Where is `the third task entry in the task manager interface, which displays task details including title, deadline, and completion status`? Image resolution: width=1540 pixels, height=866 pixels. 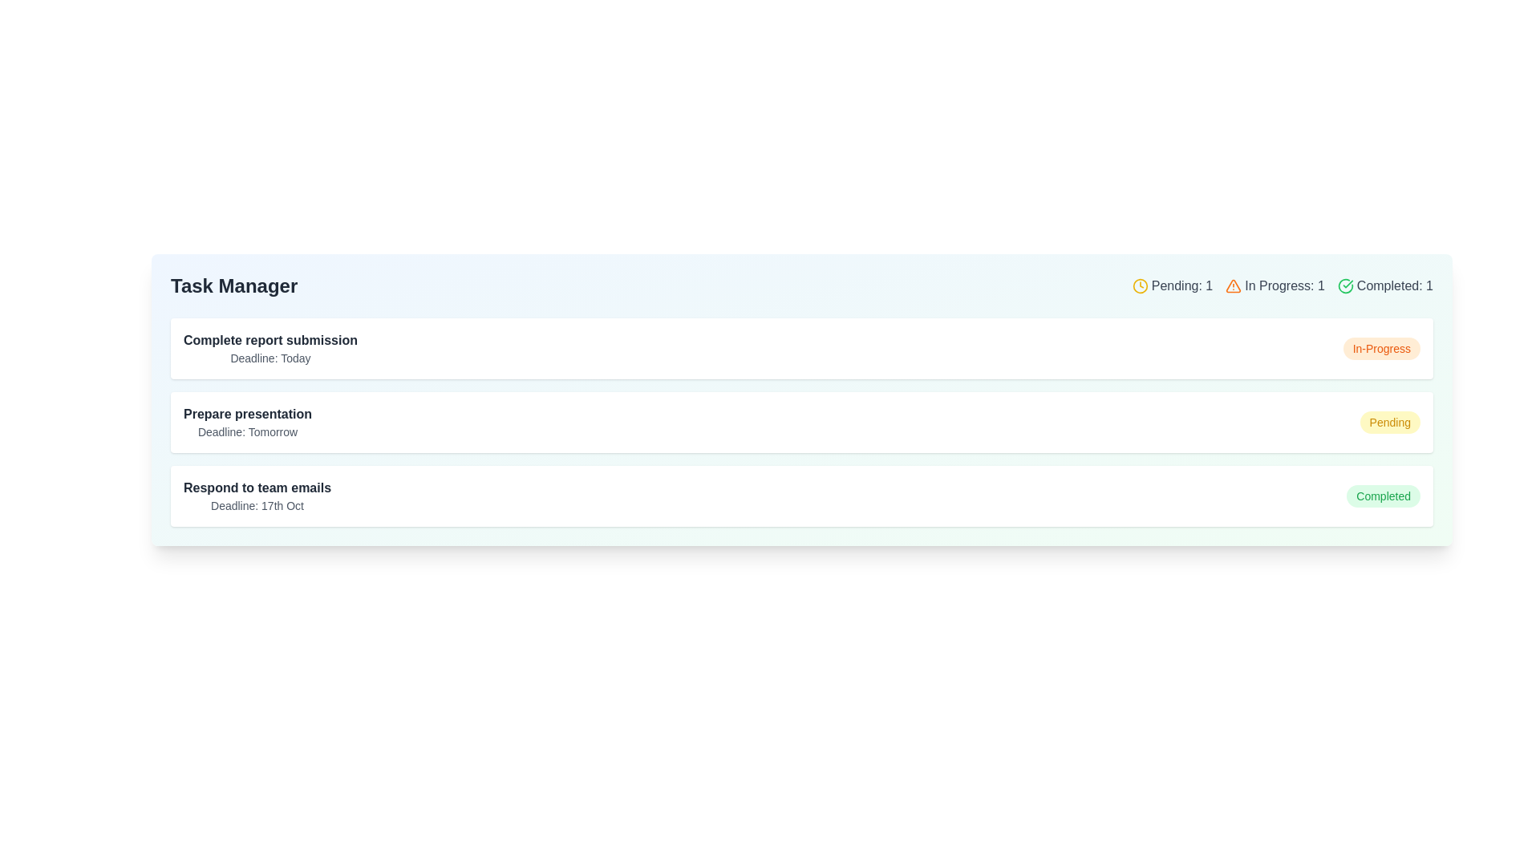 the third task entry in the task manager interface, which displays task details including title, deadline, and completion status is located at coordinates (801, 495).